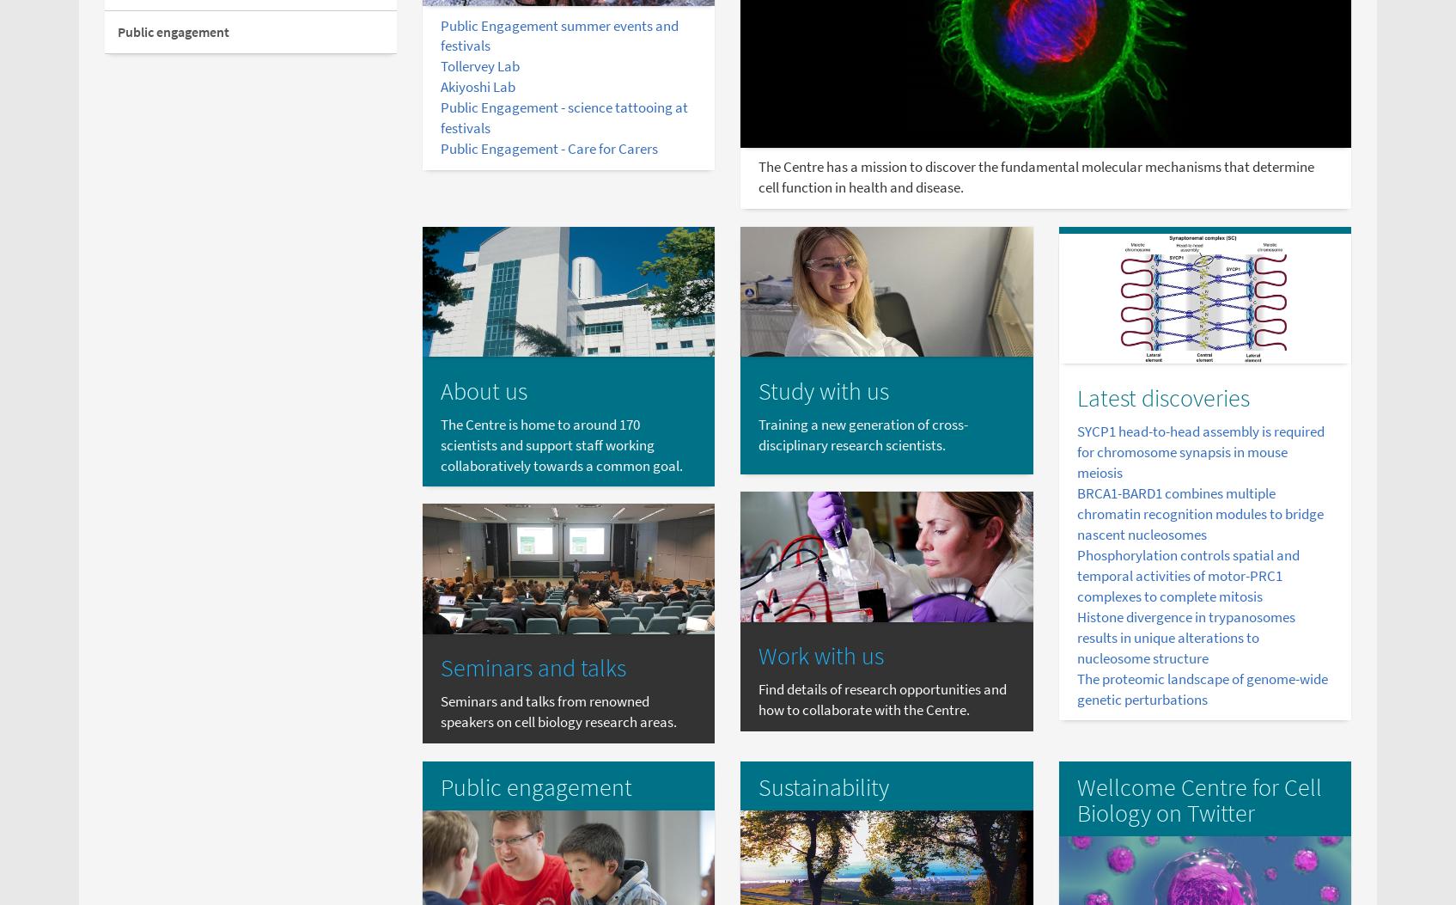 This screenshot has height=905, width=1456. Describe the element at coordinates (439, 389) in the screenshot. I see `'About us'` at that location.